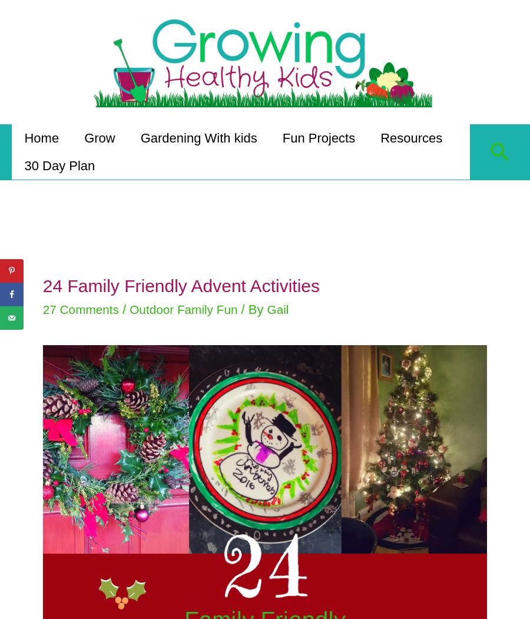  I want to click on 'Pinterest', so click(44, 270).